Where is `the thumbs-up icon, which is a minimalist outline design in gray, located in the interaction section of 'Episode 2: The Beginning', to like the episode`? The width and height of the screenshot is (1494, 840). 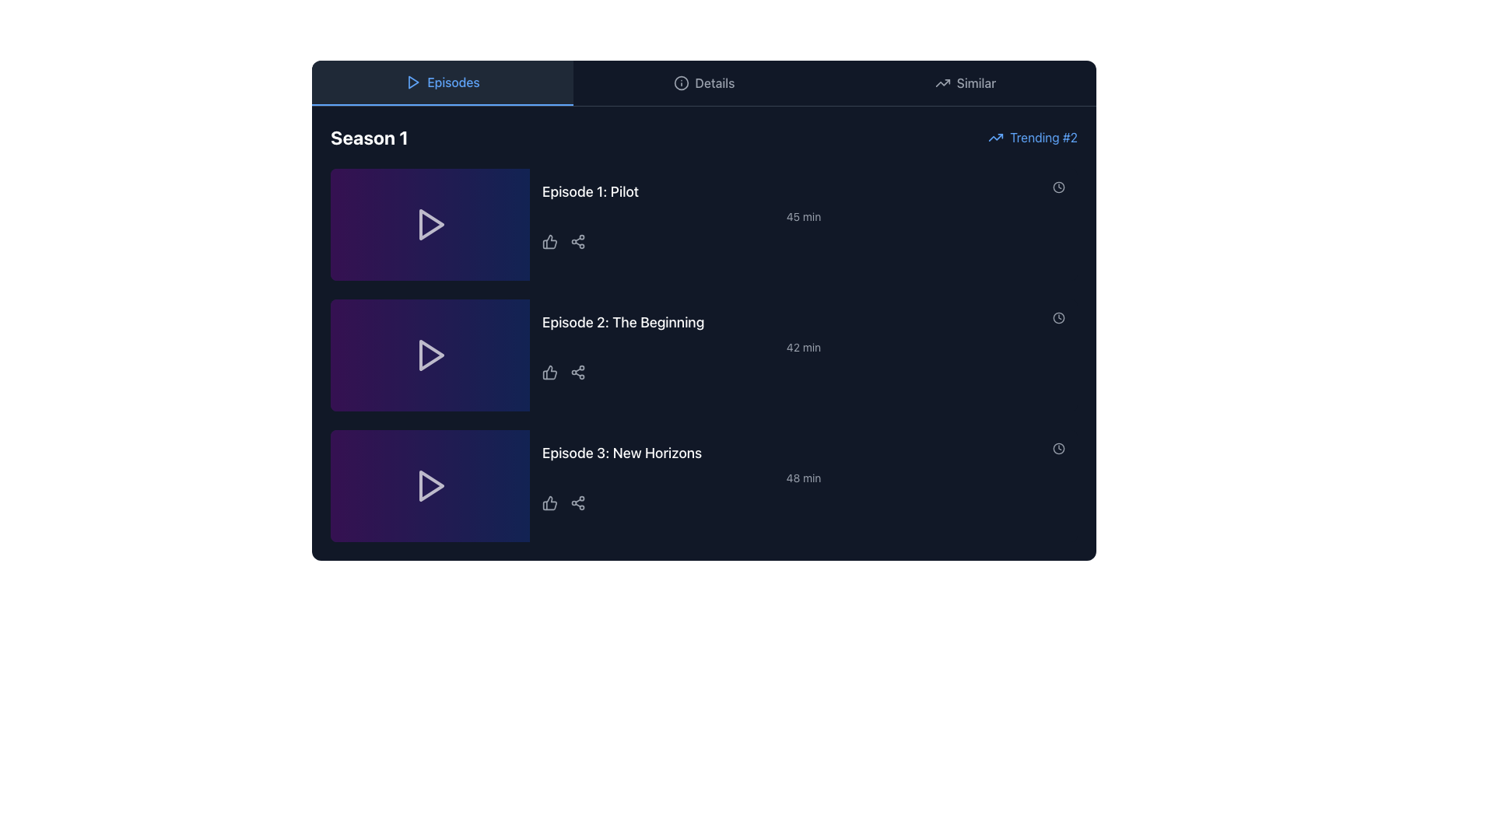
the thumbs-up icon, which is a minimalist outline design in gray, located in the interaction section of 'Episode 2: The Beginning', to like the episode is located at coordinates (549, 372).